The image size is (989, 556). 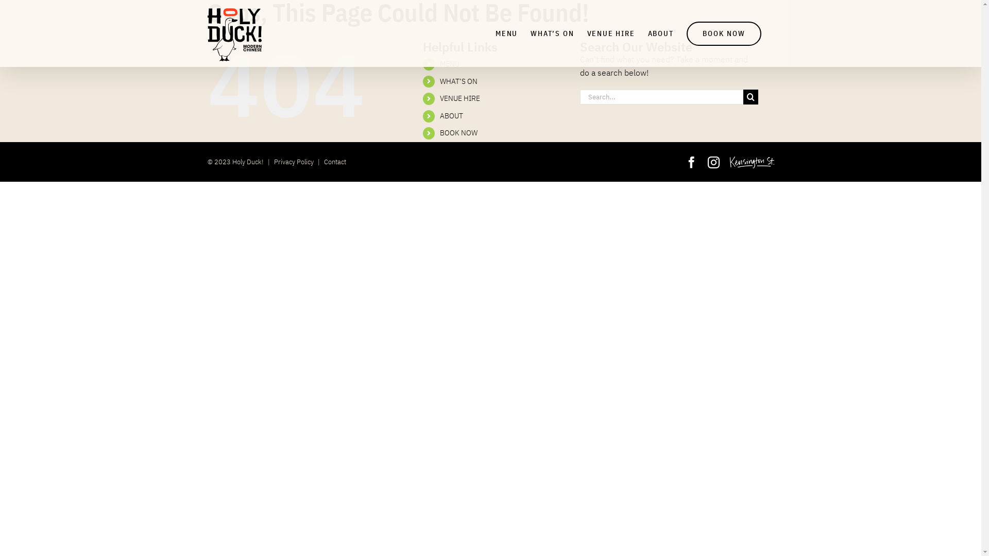 I want to click on 'Kensington Street', so click(x=752, y=159).